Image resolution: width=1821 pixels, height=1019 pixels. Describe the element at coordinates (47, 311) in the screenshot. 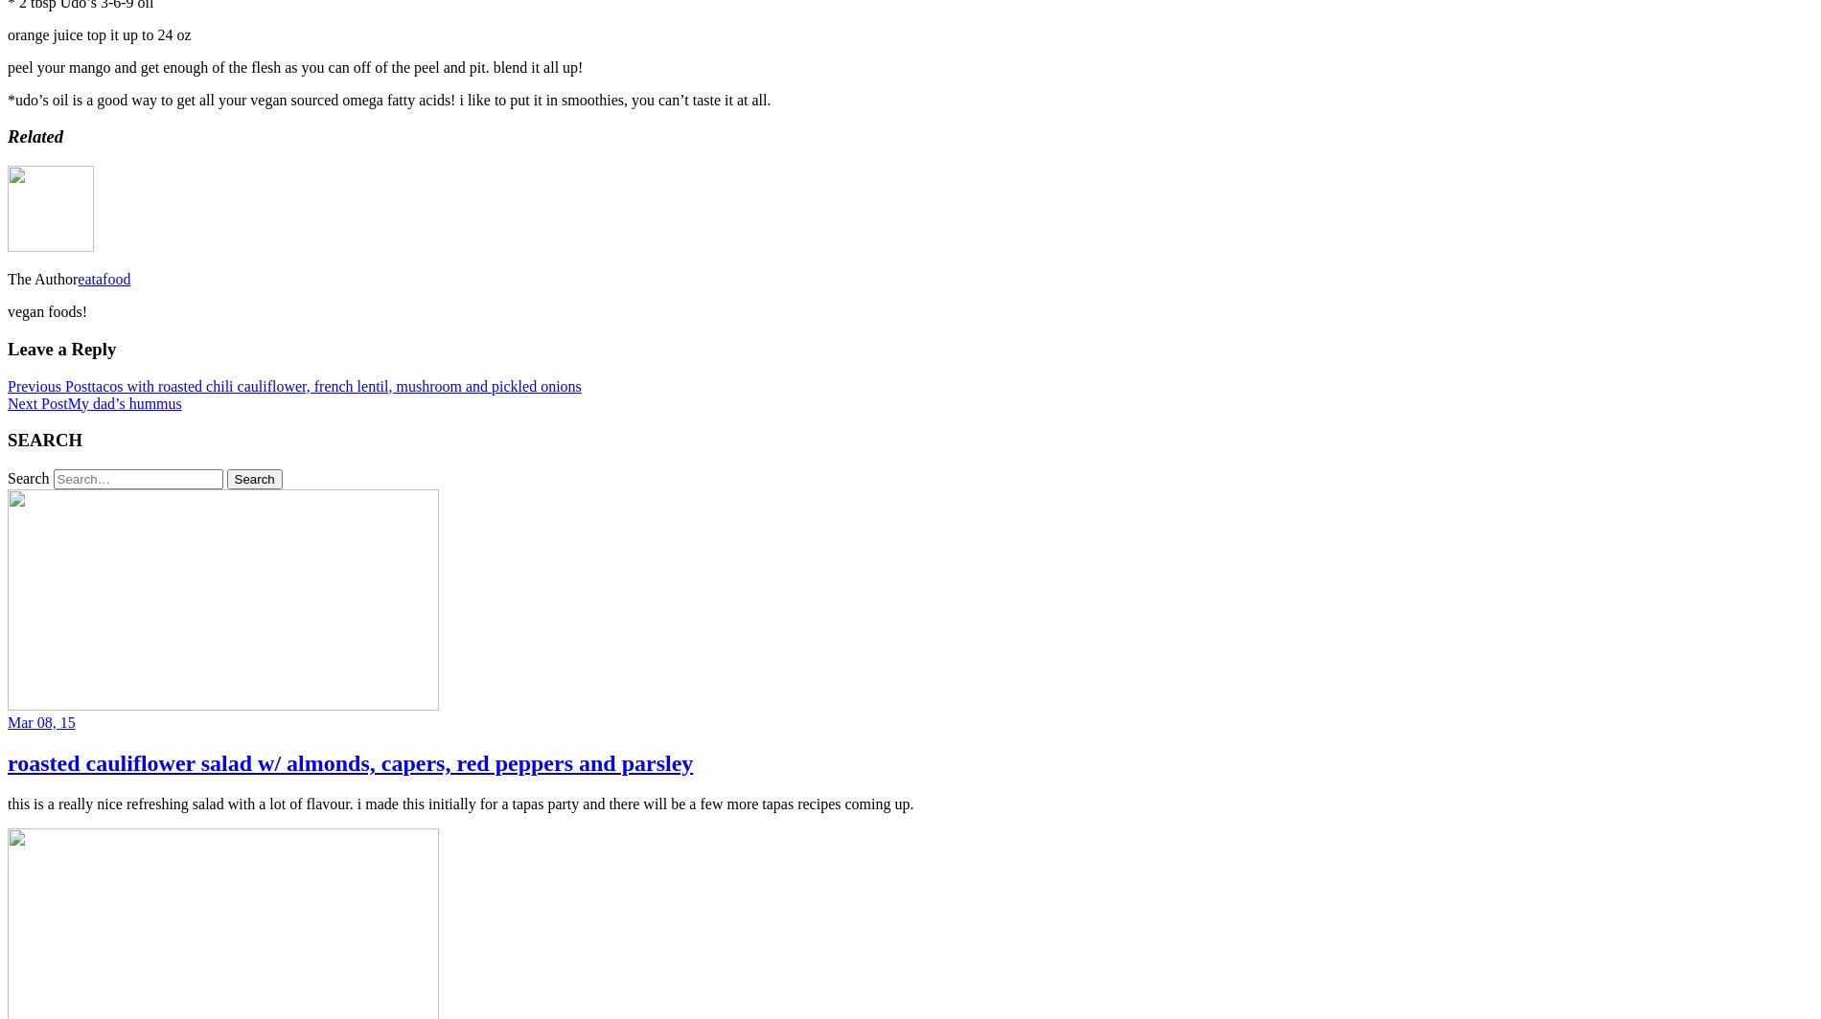

I see `'vegan foods!'` at that location.